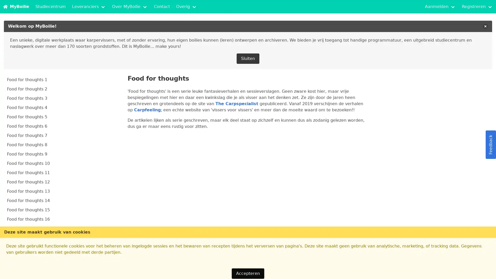 This screenshot has width=496, height=279. Describe the element at coordinates (485, 26) in the screenshot. I see `delete` at that location.